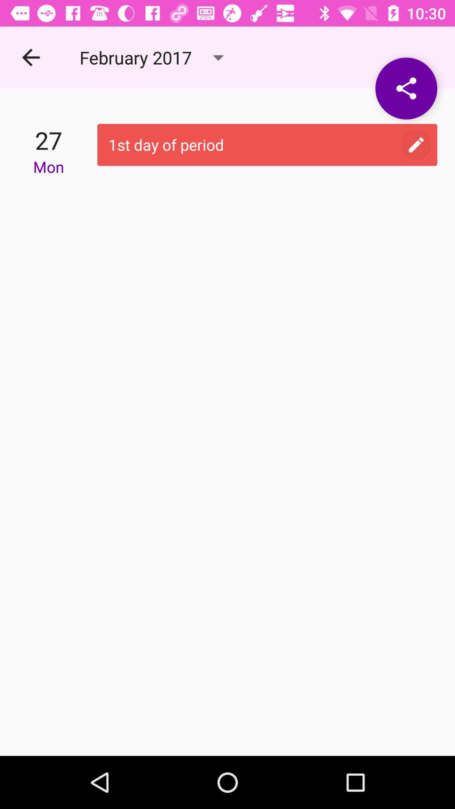 The height and width of the screenshot is (809, 455). Describe the element at coordinates (406, 88) in the screenshot. I see `share option` at that location.